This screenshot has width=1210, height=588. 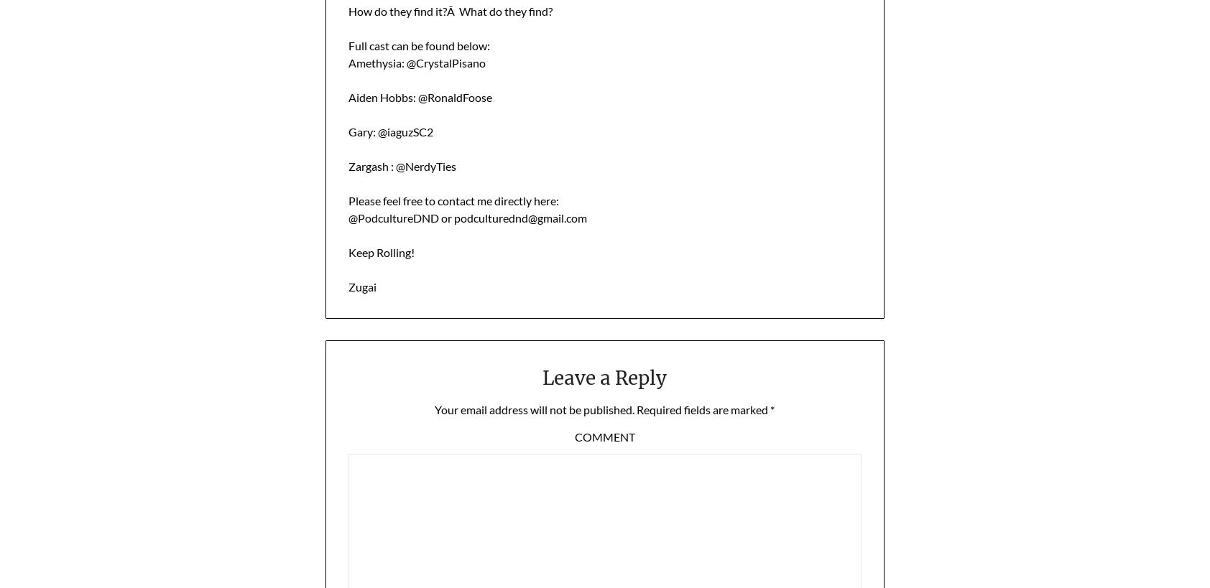 What do you see at coordinates (379, 251) in the screenshot?
I see `'Keep Rolling!'` at bounding box center [379, 251].